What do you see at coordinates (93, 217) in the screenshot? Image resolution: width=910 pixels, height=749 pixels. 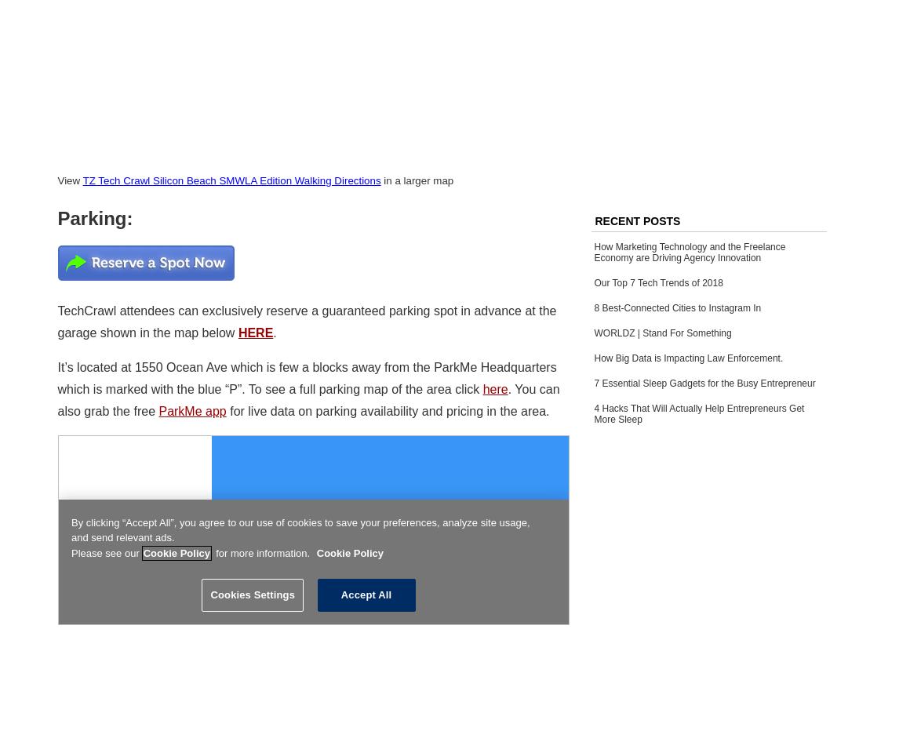 I see `'Parking:'` at bounding box center [93, 217].